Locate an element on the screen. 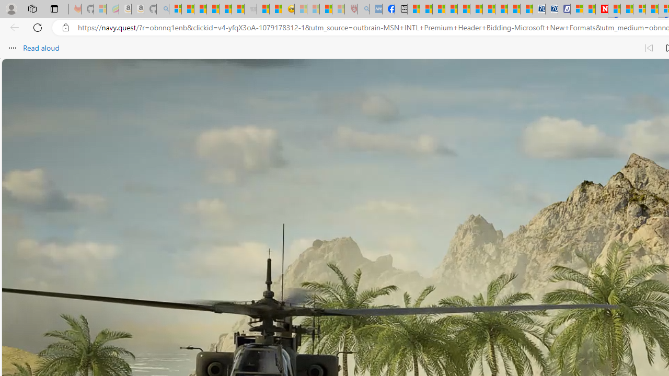  'Cheap Hotels - Save70.com' is located at coordinates (551, 9).